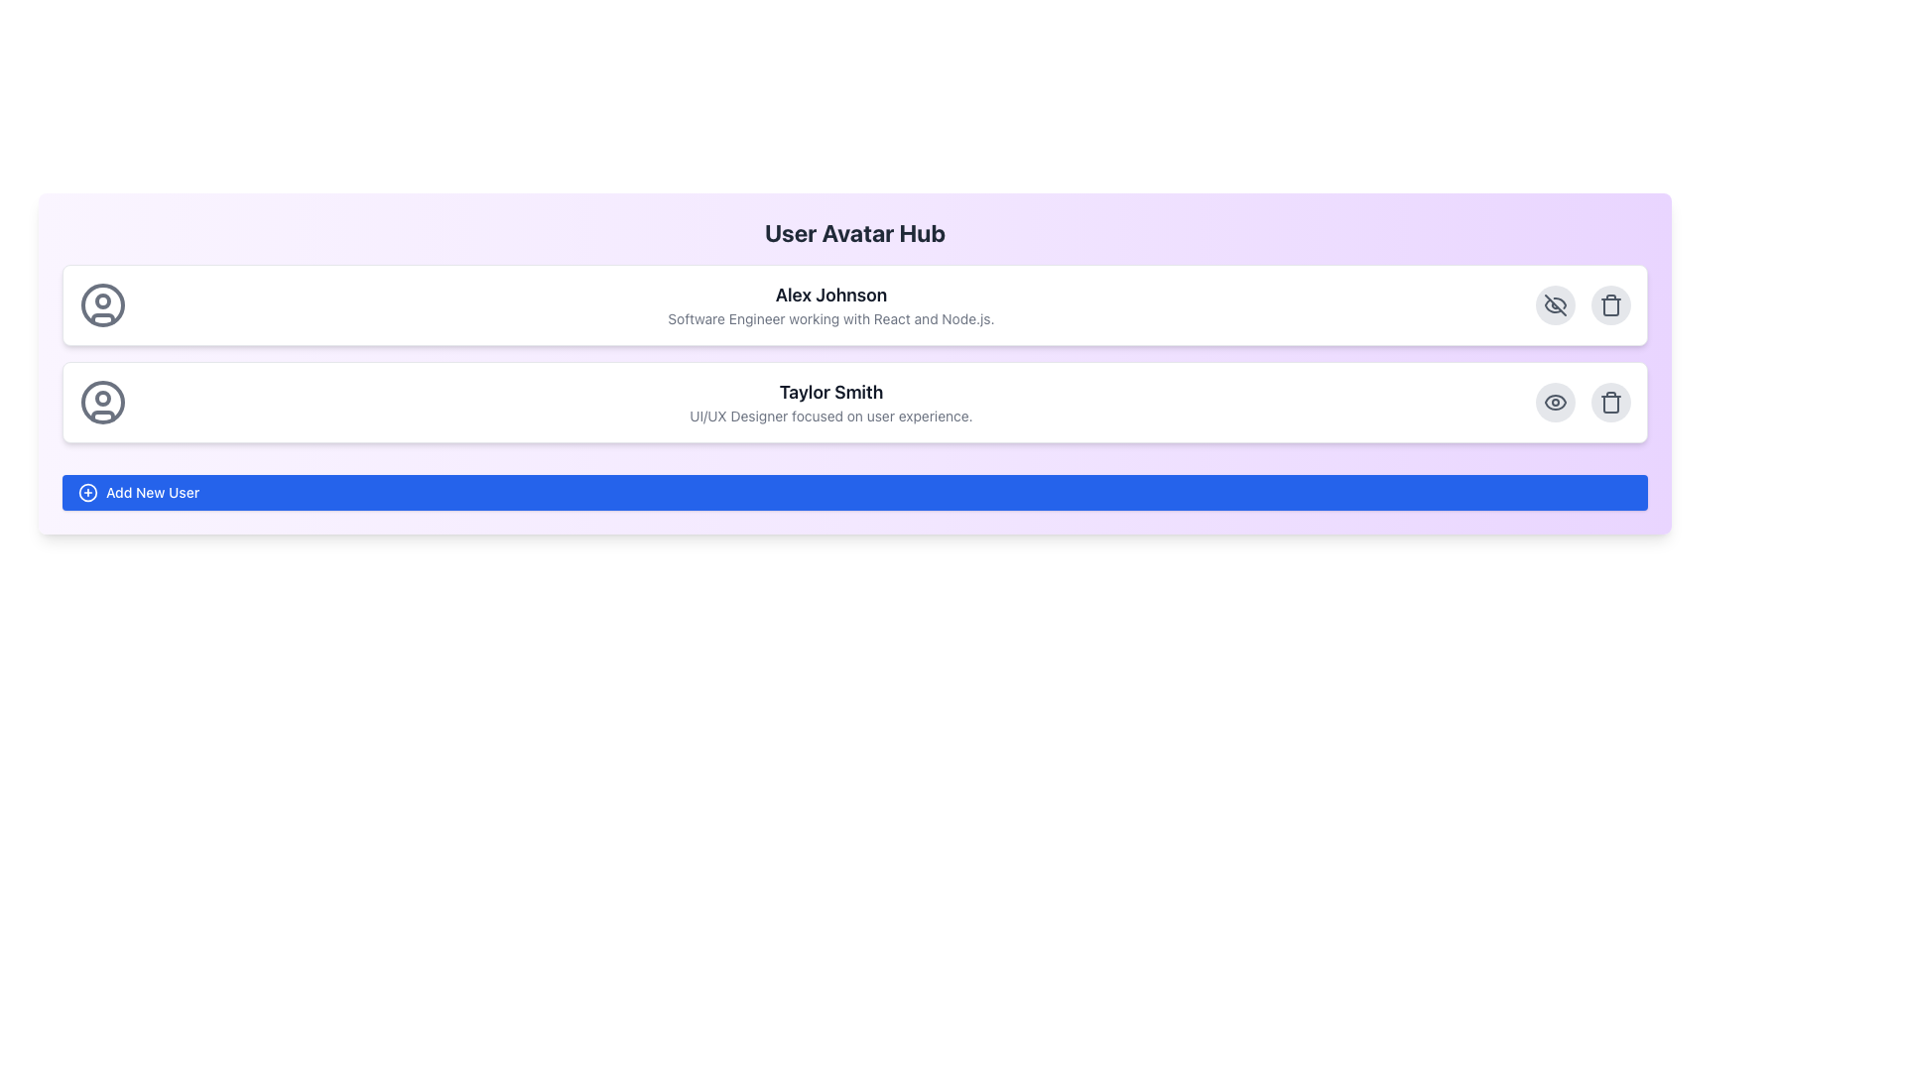  Describe the element at coordinates (1555, 402) in the screenshot. I see `the visibility toggle icon located beside the trash can icon for the user profile 'Taylor Smith'` at that location.